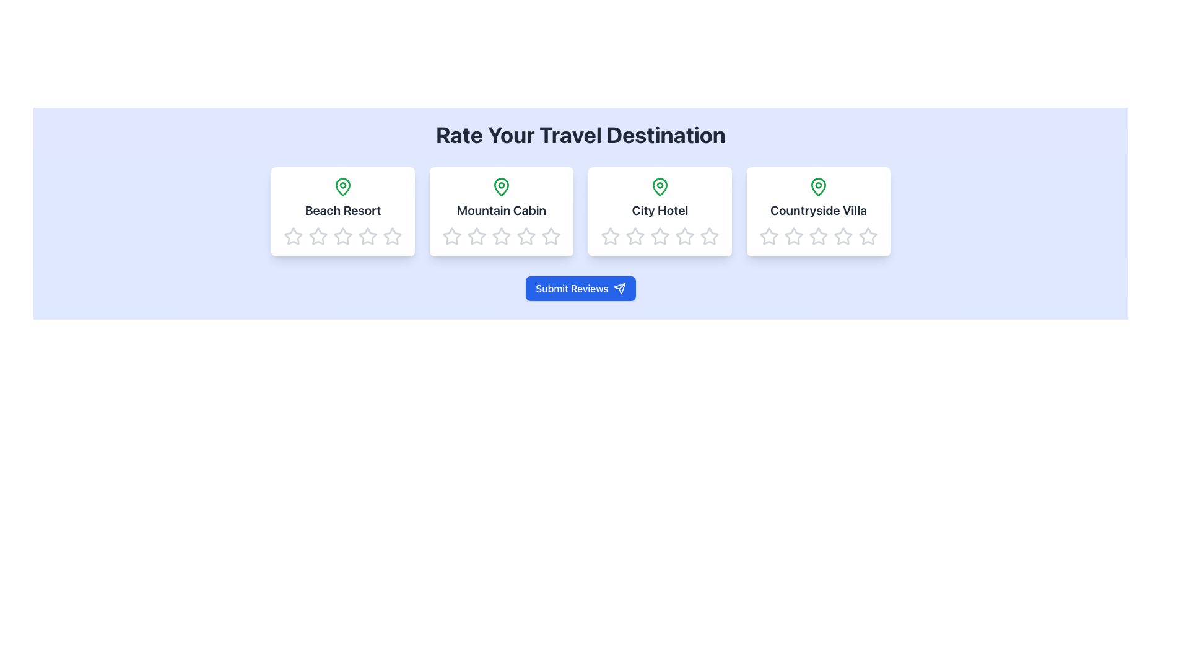 The image size is (1189, 669). What do you see at coordinates (818, 236) in the screenshot?
I see `the third empty star icon` at bounding box center [818, 236].